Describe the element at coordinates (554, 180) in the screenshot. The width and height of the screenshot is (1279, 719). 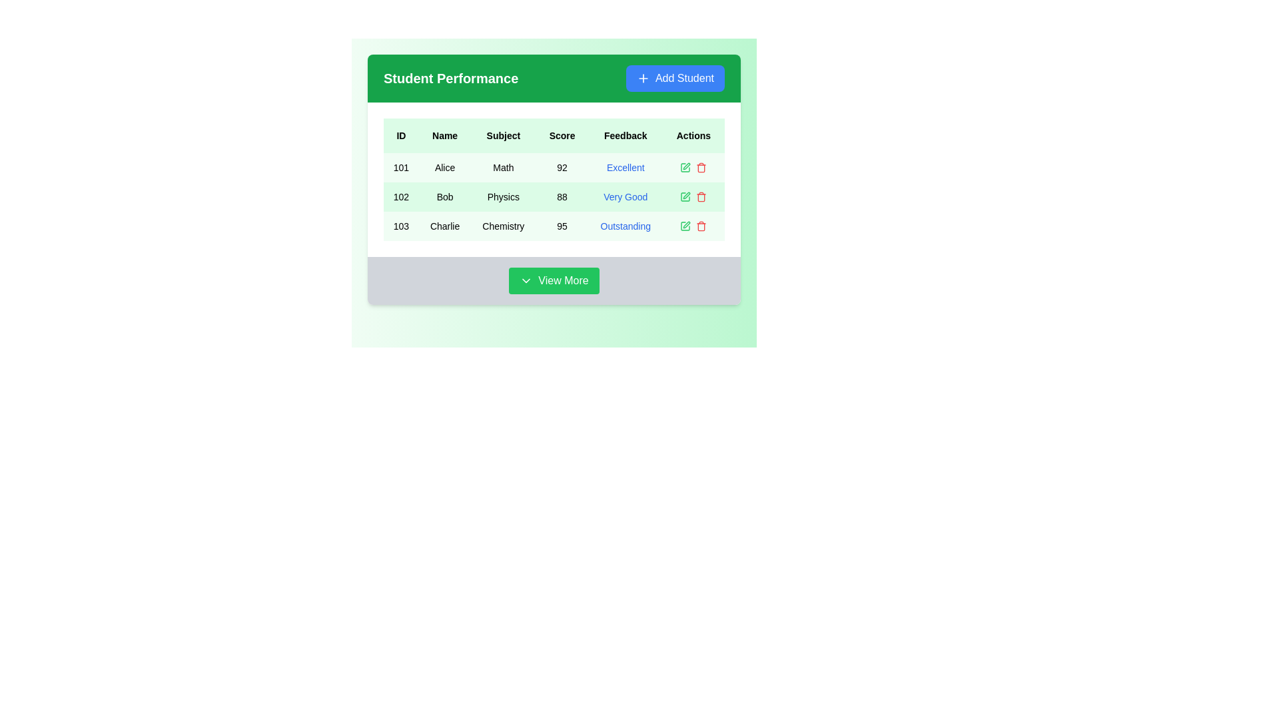
I see `the number displayed in the Score column of the first row in the Student Performance table, which shows '92'` at that location.